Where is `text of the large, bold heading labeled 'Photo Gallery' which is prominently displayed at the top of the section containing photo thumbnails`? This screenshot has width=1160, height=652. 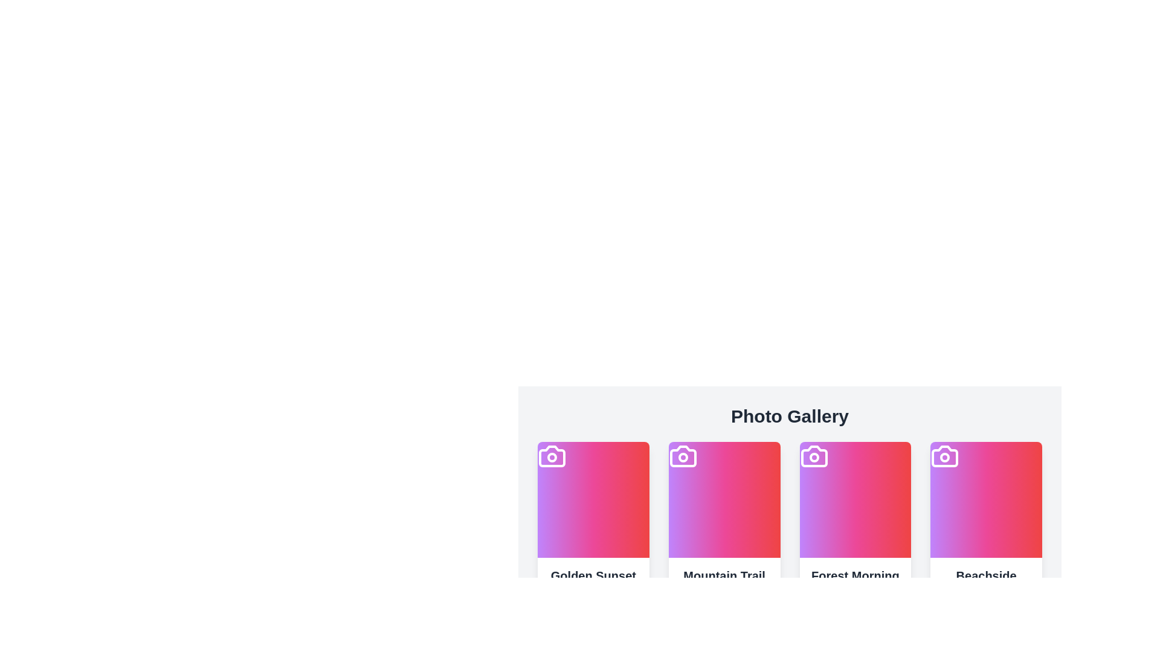
text of the large, bold heading labeled 'Photo Gallery' which is prominently displayed at the top of the section containing photo thumbnails is located at coordinates (790, 416).